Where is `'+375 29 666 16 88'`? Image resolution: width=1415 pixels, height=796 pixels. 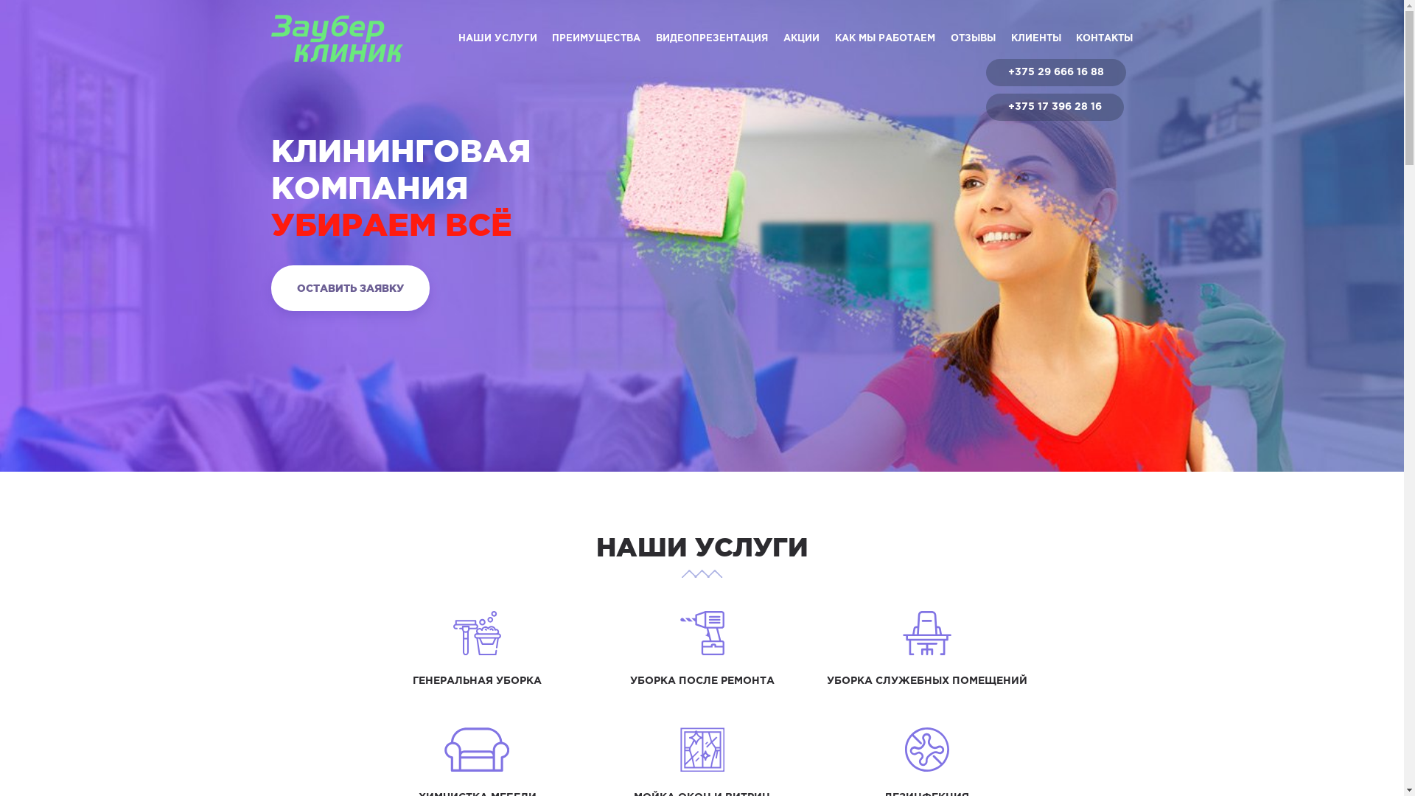 '+375 29 666 16 88' is located at coordinates (1055, 72).